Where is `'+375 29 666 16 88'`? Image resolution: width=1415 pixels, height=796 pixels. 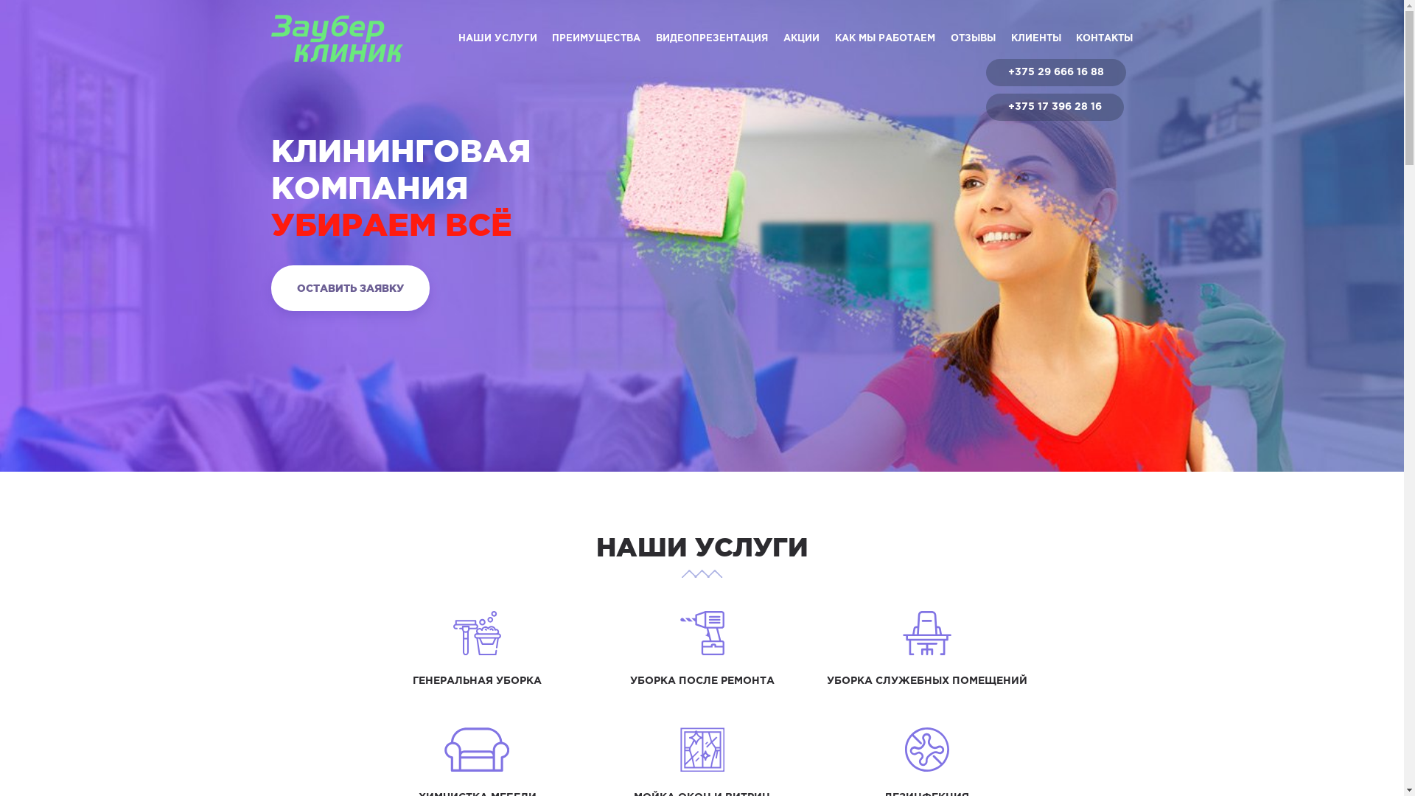 '+375 29 666 16 88' is located at coordinates (1055, 72).